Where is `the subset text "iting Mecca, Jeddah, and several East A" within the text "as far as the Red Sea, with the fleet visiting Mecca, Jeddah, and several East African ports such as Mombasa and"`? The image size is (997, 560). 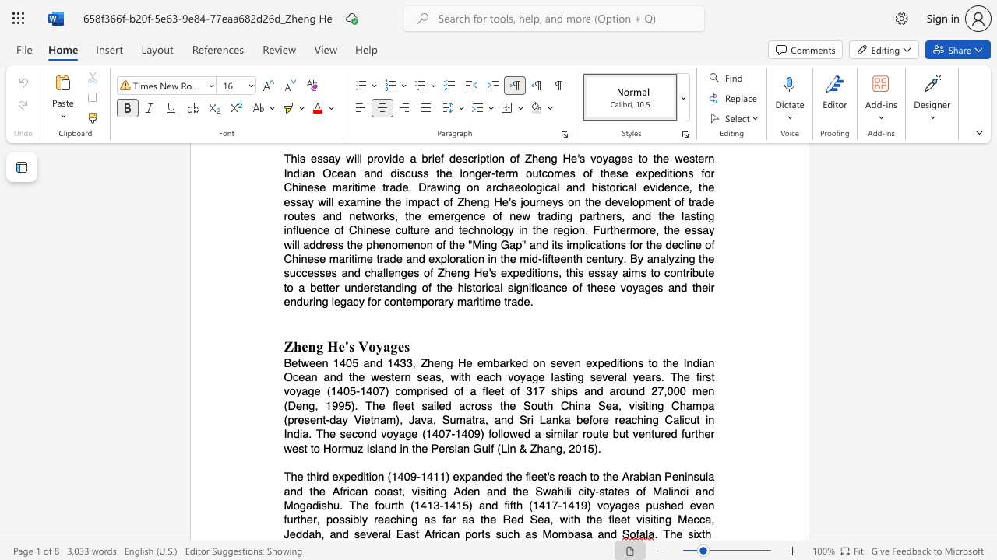
the subset text "iting Mecca, Jeddah, and several East A" within the text "as far as the Red Sea, with the fleet visiting Mecca, Jeddah, and several East African ports such as Mombasa and" is located at coordinates (650, 520).